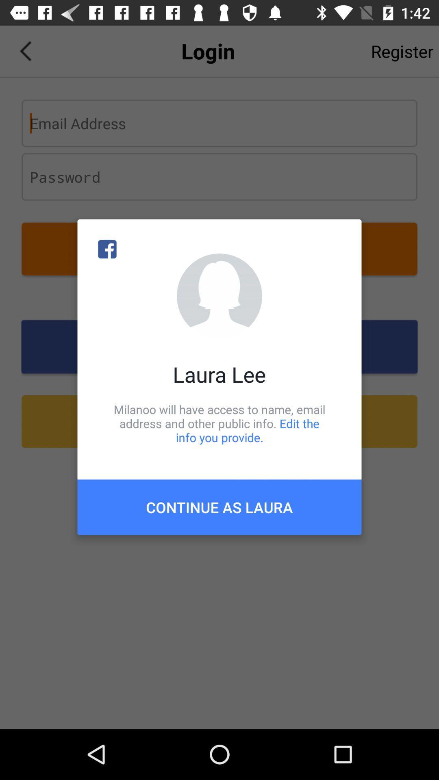 Image resolution: width=439 pixels, height=780 pixels. Describe the element at coordinates (219, 423) in the screenshot. I see `icon above the continue as laura icon` at that location.